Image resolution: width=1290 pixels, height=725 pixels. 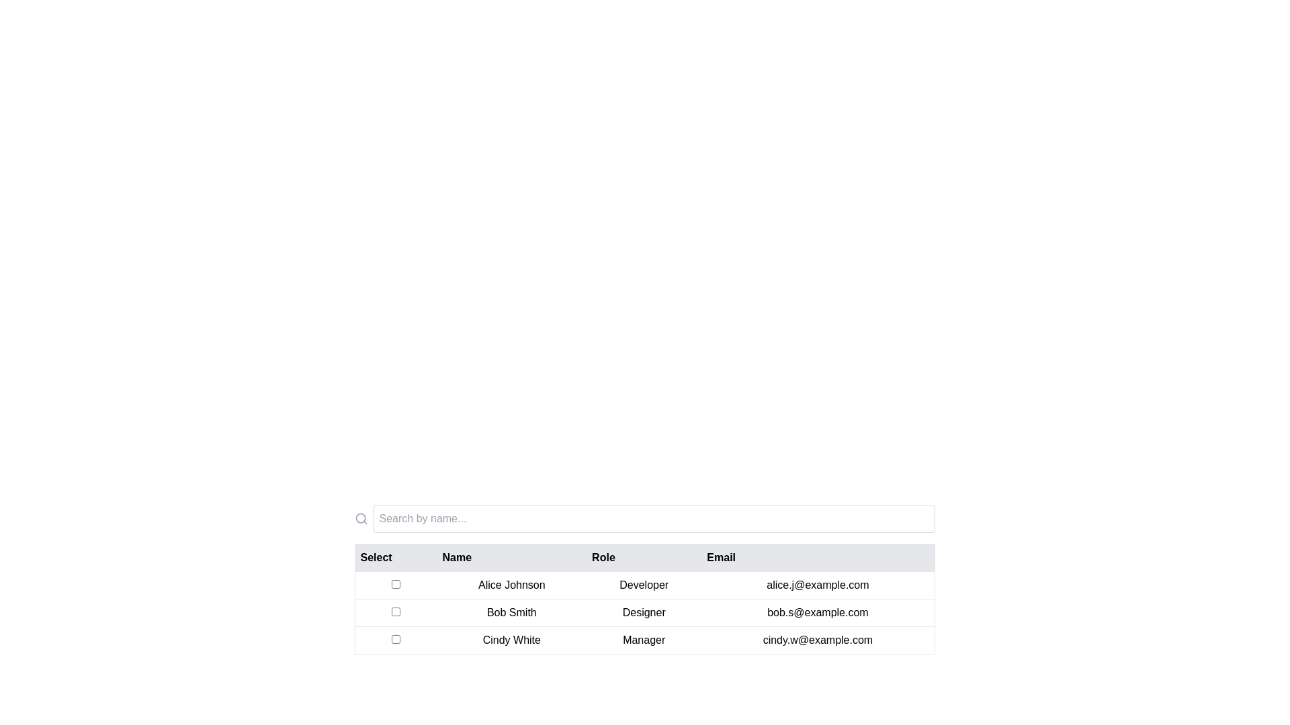 I want to click on the gray header bar of the table containing the column titles 'Select', 'Name', 'Role', and 'Email', so click(x=644, y=557).